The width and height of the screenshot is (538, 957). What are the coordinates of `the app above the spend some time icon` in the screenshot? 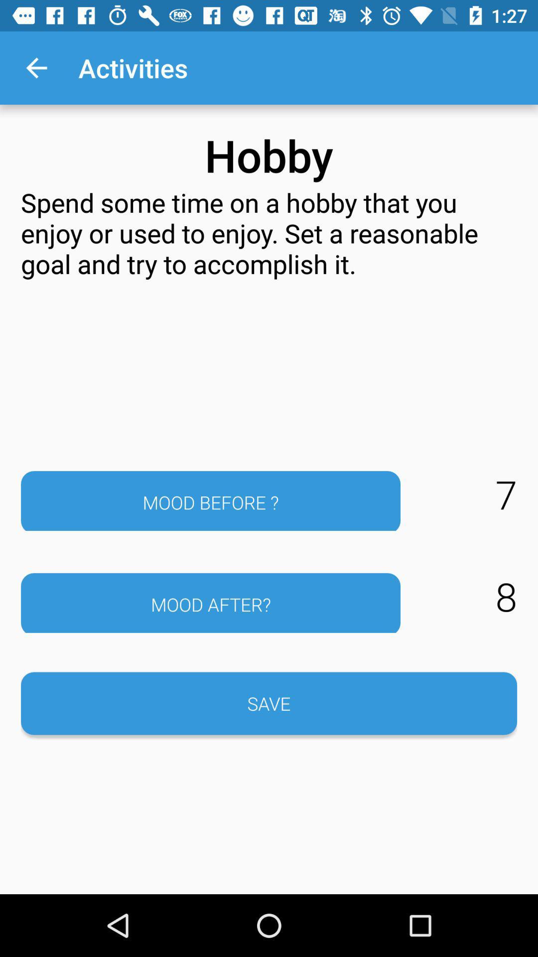 It's located at (36, 67).